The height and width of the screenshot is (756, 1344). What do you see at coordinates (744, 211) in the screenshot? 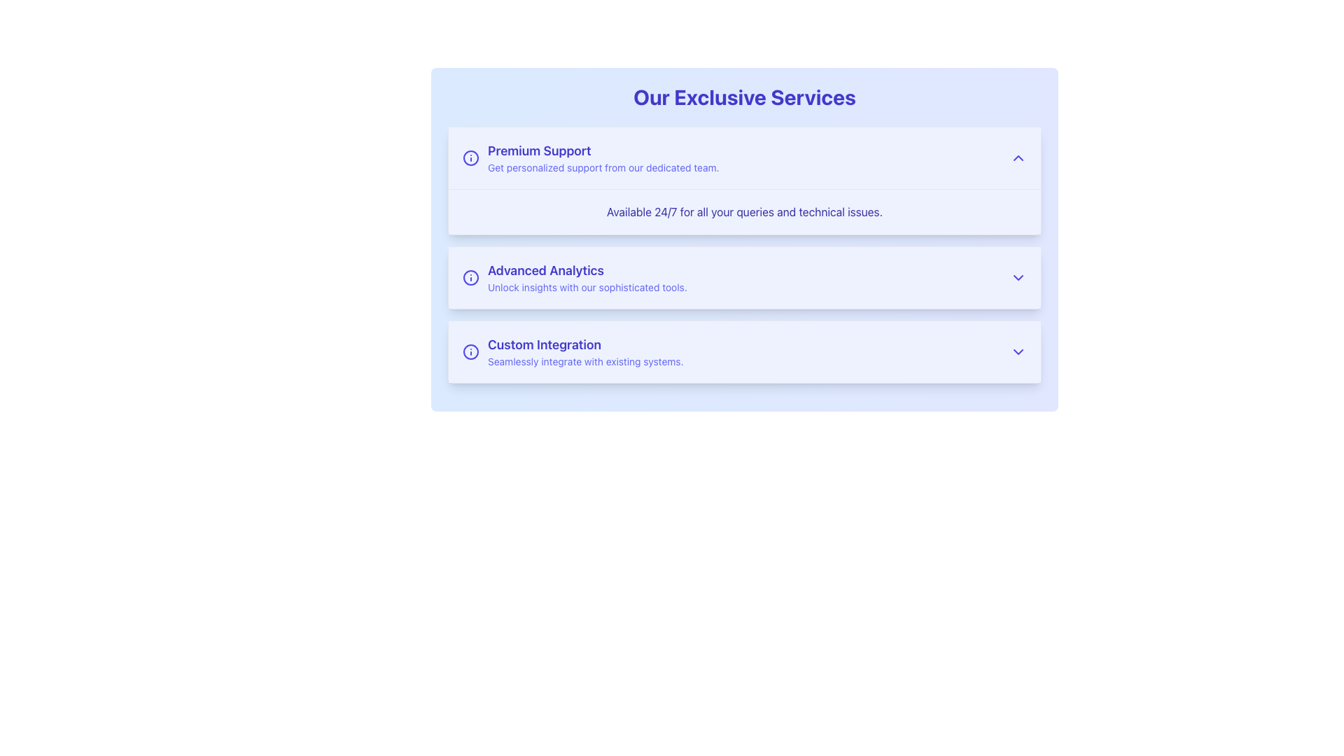
I see `the informational text label located within the 'Premium Support' section, just below the heading and subtext` at bounding box center [744, 211].